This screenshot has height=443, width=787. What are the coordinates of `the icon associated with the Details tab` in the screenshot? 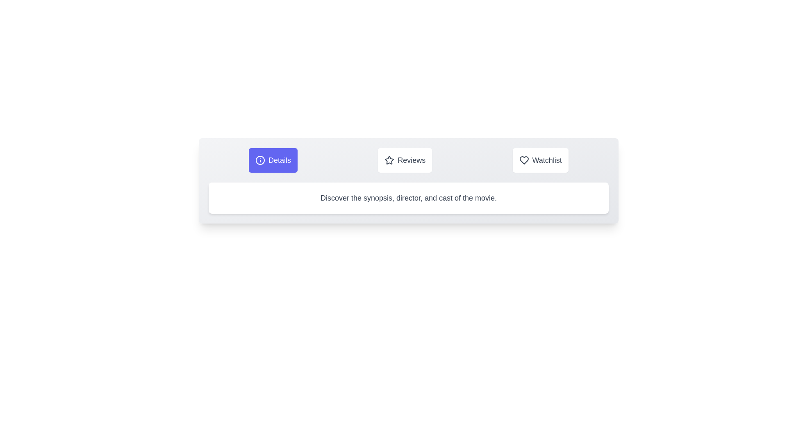 It's located at (260, 160).